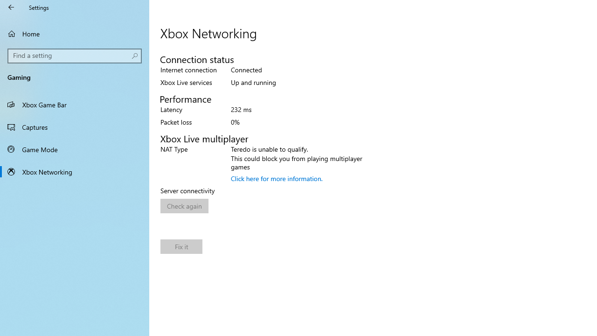 Image resolution: width=597 pixels, height=336 pixels. What do you see at coordinates (11, 7) in the screenshot?
I see `'Back'` at bounding box center [11, 7].